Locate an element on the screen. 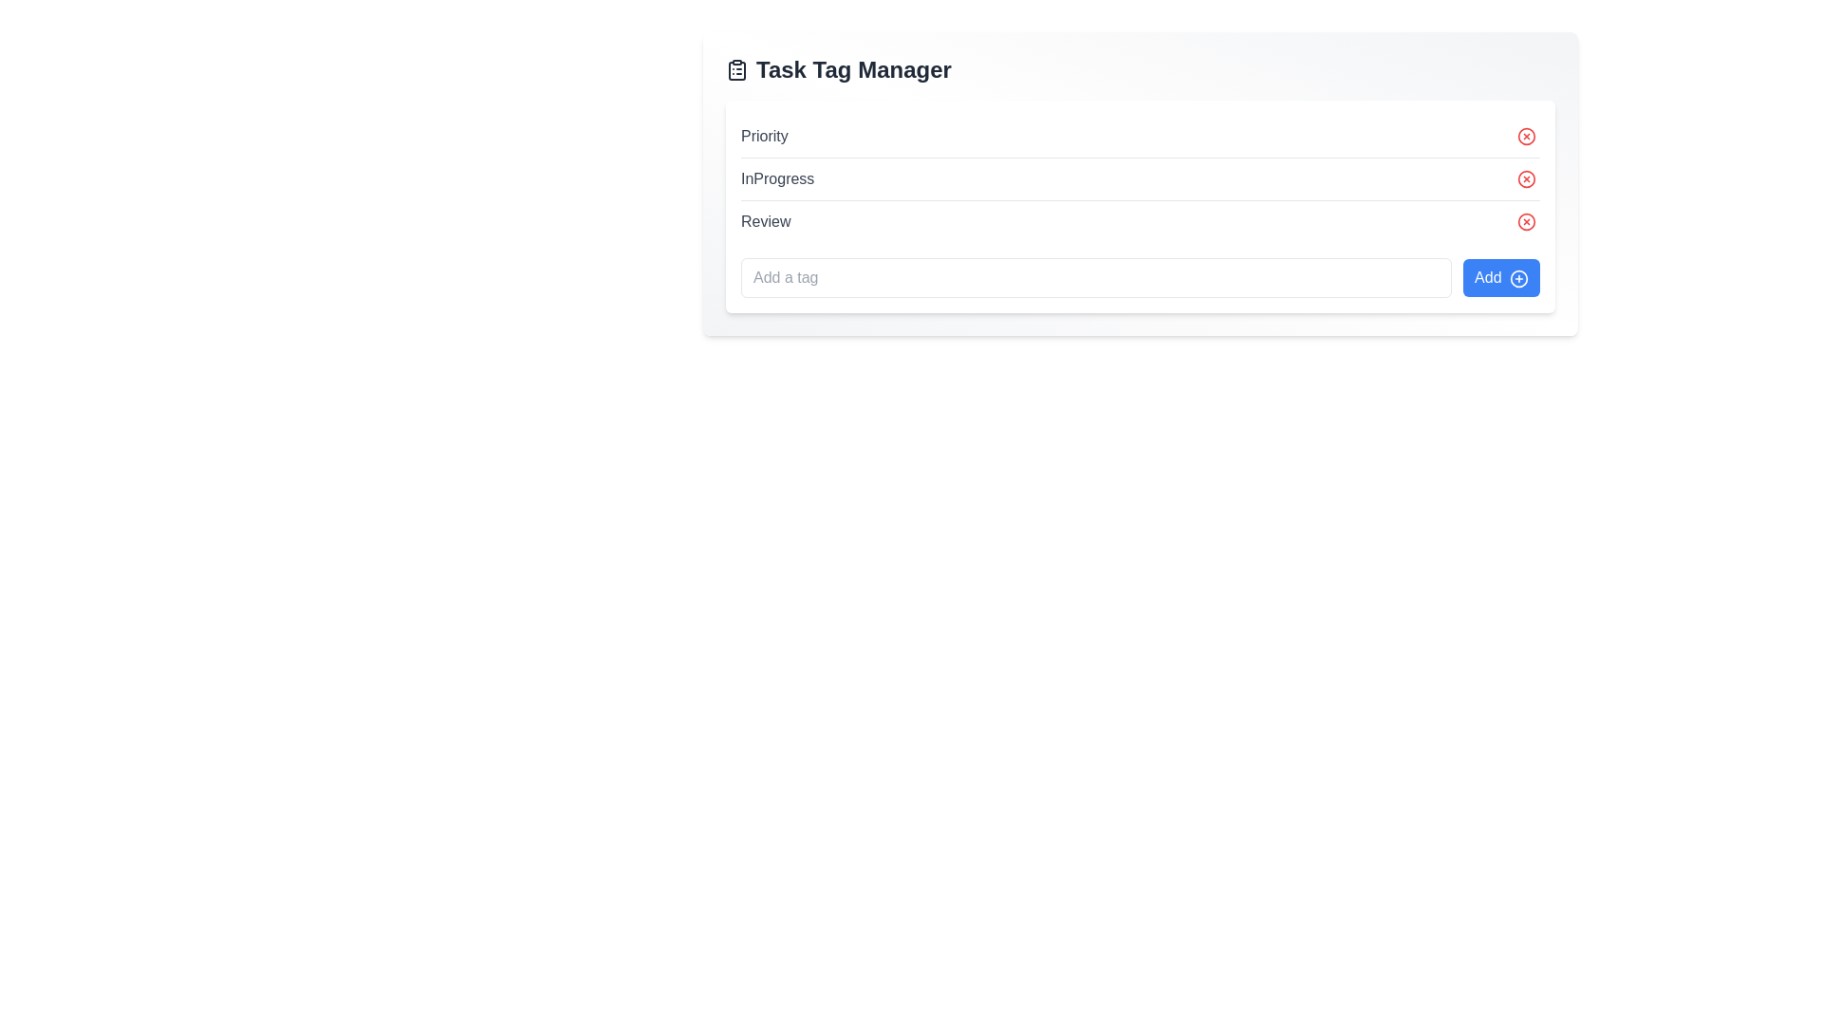 This screenshot has height=1025, width=1822. the status display element located under 'Task Tag Manager' to focus on it is located at coordinates (1139, 178).